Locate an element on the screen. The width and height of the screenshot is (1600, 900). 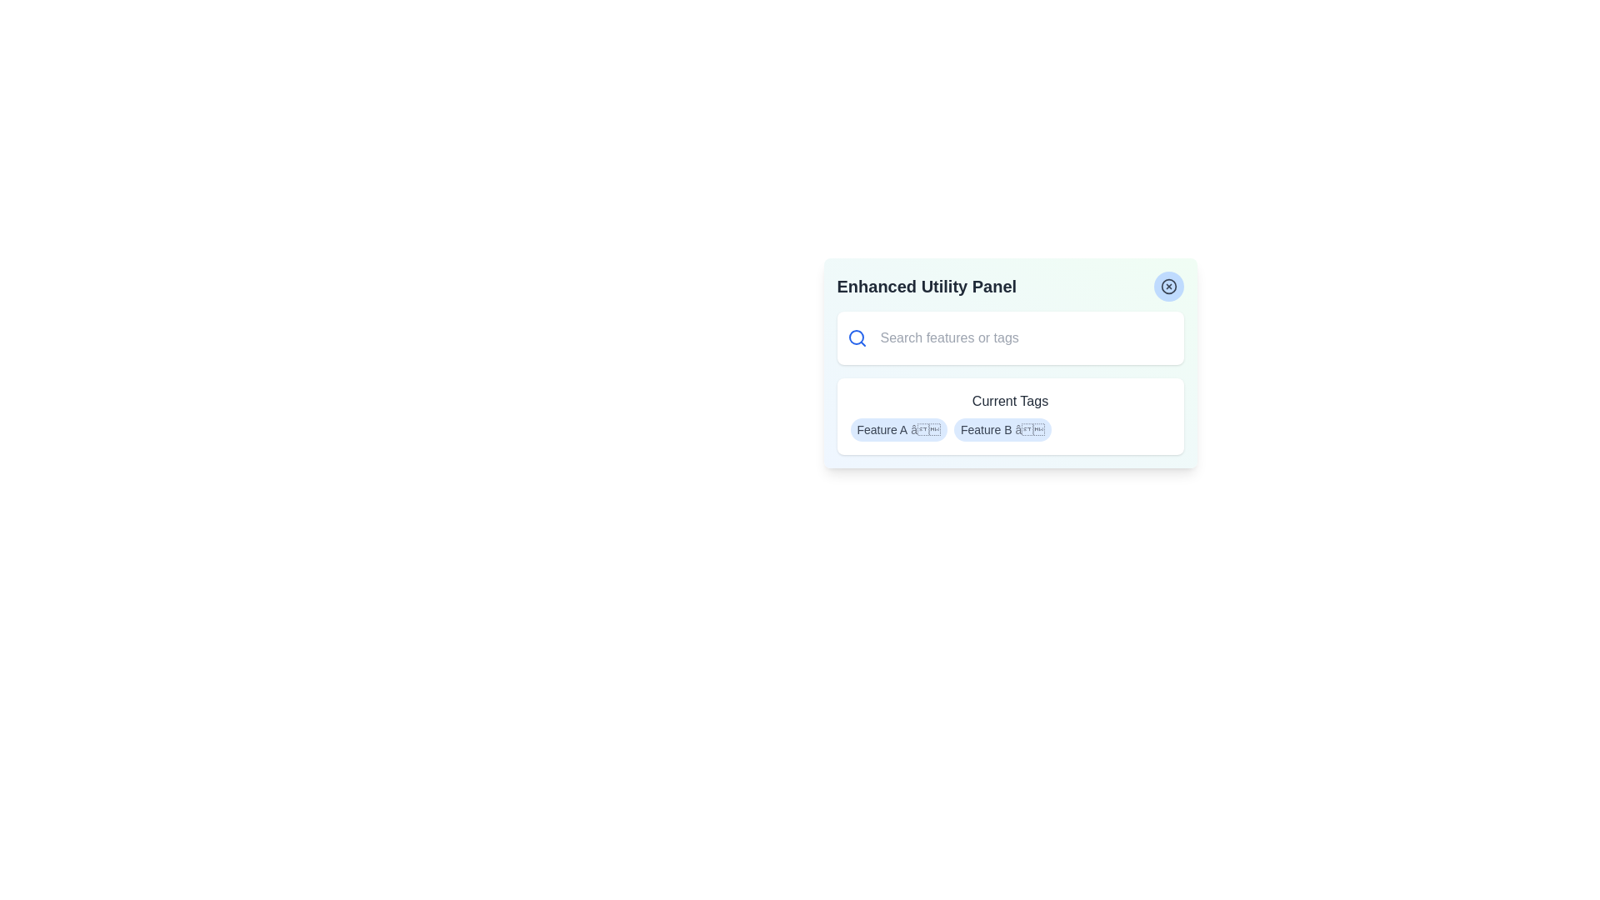
to select text in the Text Input Field located within the 'Enhanced Utility Panel' is located at coordinates (1022, 337).